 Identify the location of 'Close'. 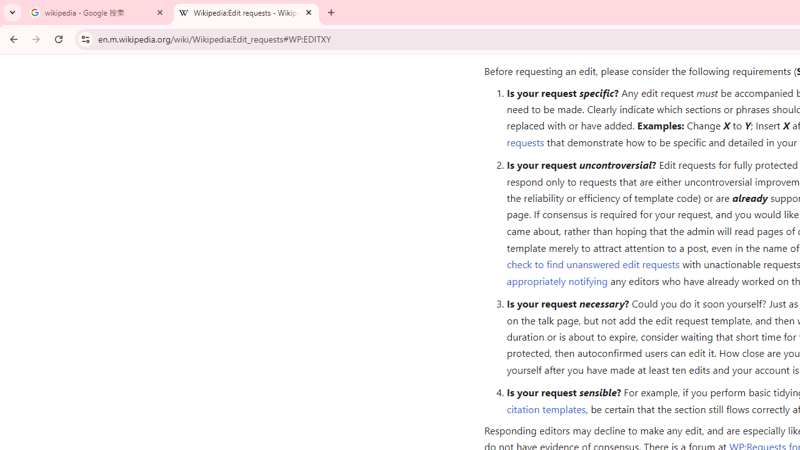
(309, 12).